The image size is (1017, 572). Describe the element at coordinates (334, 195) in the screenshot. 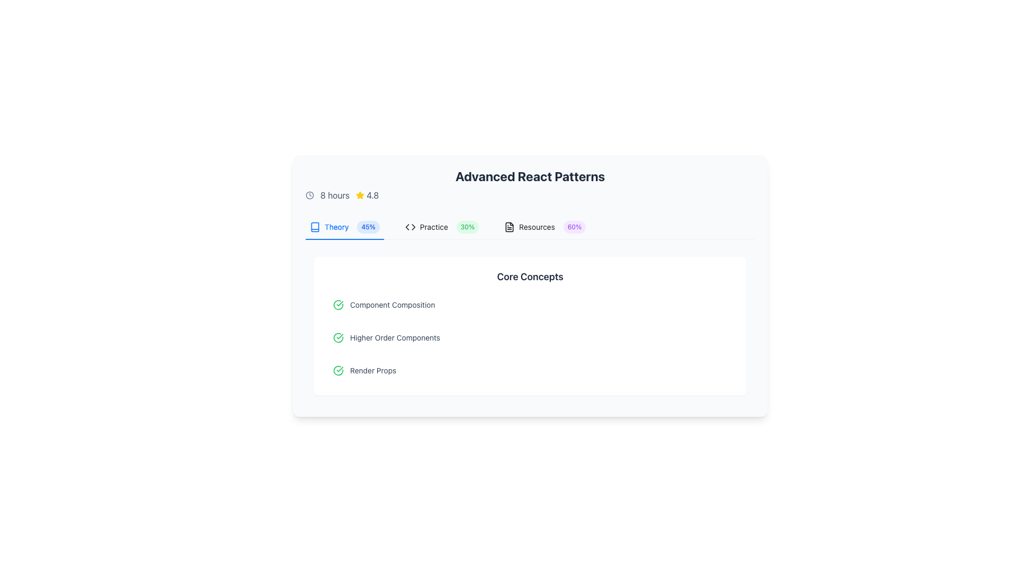

I see `the text label displaying '8 hours' in slate-gray color, which is positioned between a clock icon on the left and a numerical score '4.8' on the right` at that location.